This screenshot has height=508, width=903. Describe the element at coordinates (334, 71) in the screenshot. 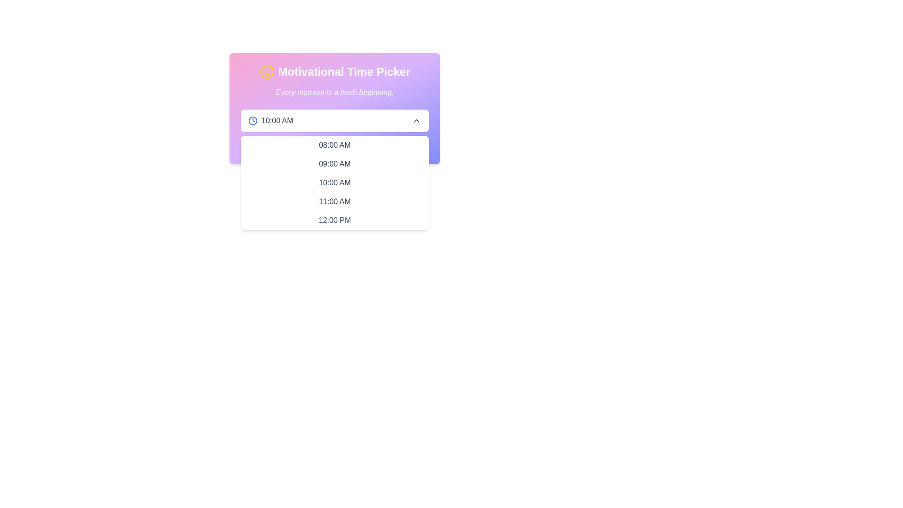

I see `the Heading label with a smiley icon that reads 'Motivational Time Picker', located at the top of the card component` at that location.